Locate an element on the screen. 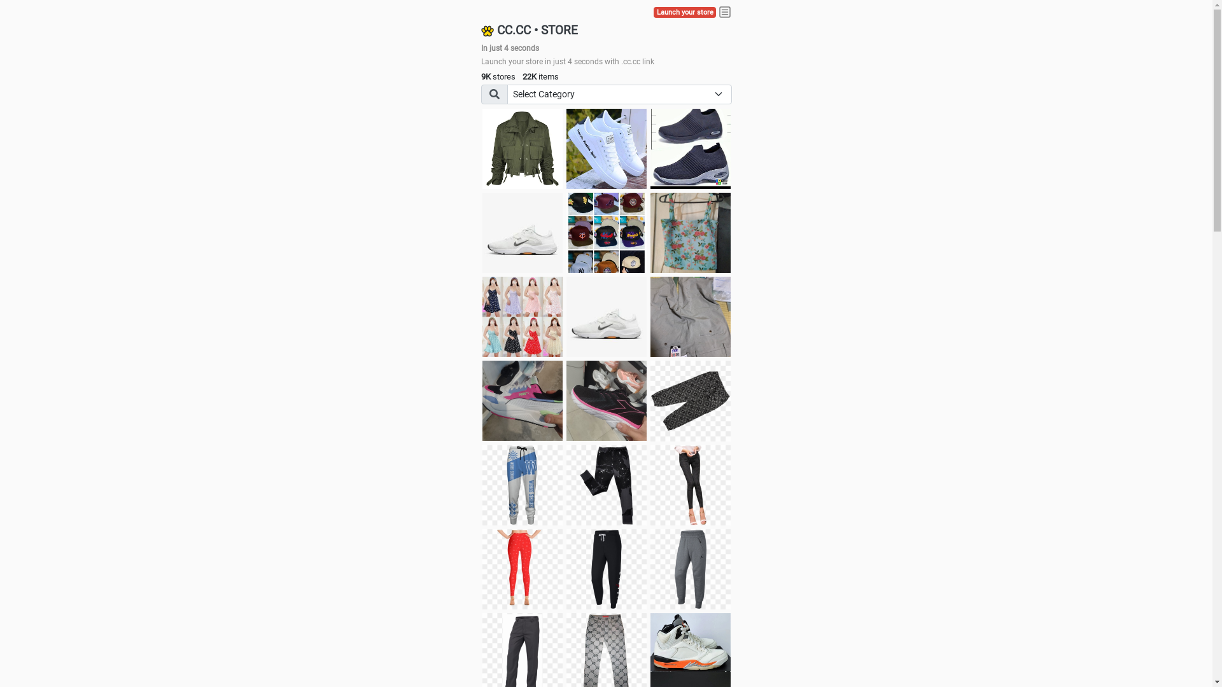 This screenshot has height=687, width=1222. 'Pant' is located at coordinates (689, 485).